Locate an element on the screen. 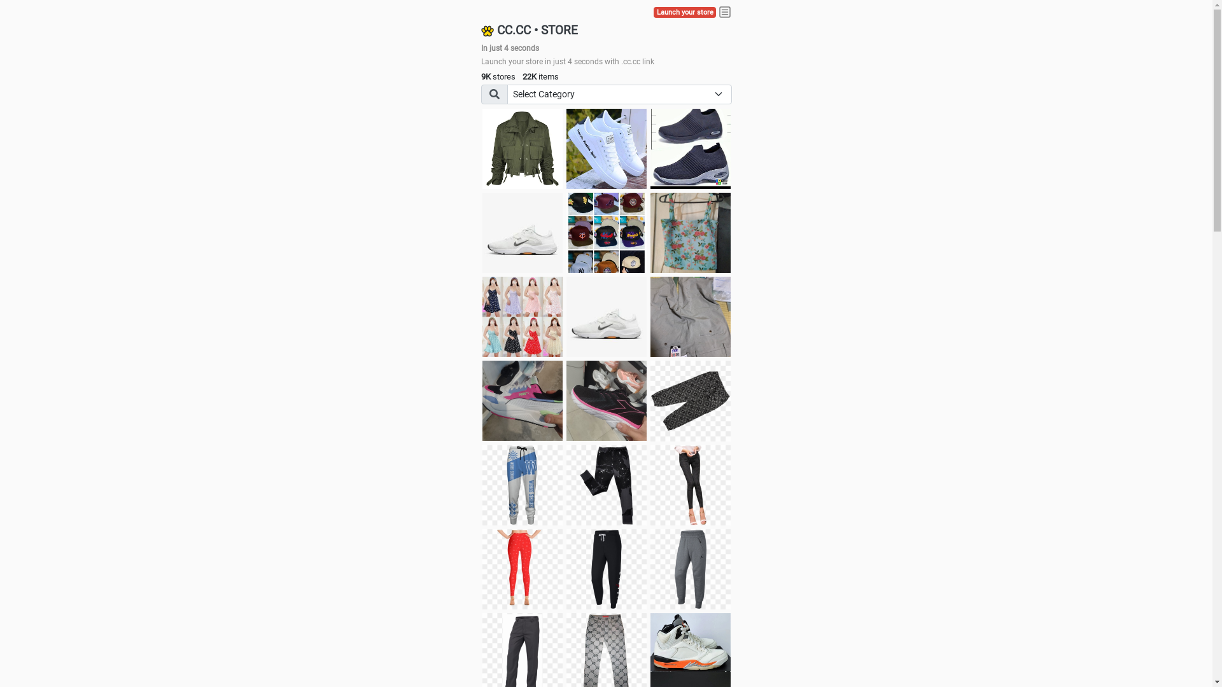 This screenshot has height=687, width=1222. 'Pant' is located at coordinates (689, 485).